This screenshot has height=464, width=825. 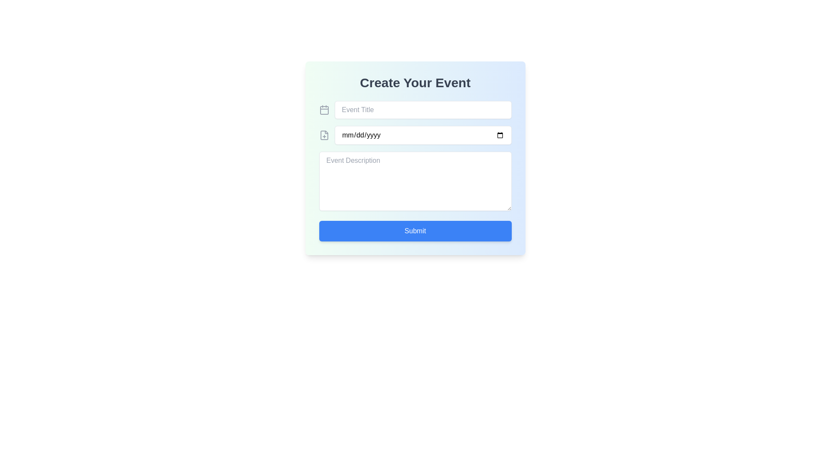 What do you see at coordinates (415, 135) in the screenshot?
I see `the Date input field, which is styled with a white background, grey border, and rounded corners, to focus and type a date` at bounding box center [415, 135].